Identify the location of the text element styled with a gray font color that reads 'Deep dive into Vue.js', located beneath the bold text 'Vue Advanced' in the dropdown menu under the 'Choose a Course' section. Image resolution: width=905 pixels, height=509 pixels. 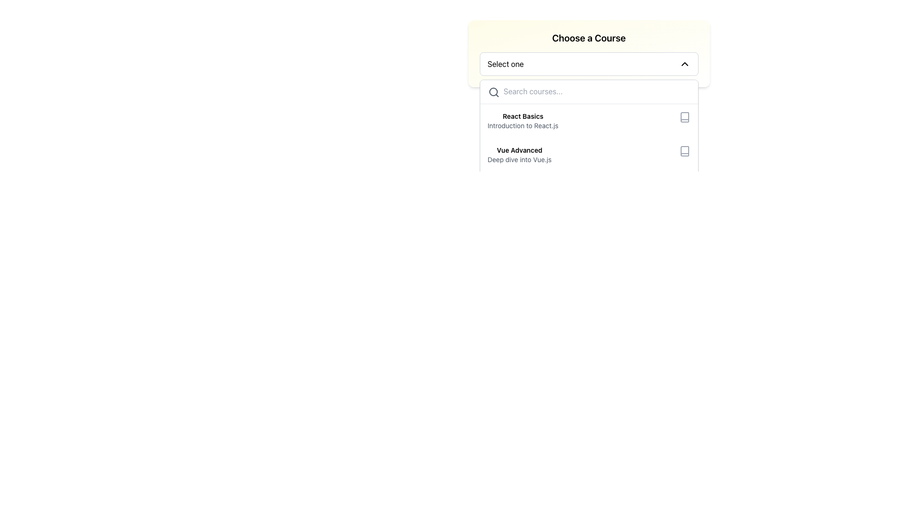
(519, 159).